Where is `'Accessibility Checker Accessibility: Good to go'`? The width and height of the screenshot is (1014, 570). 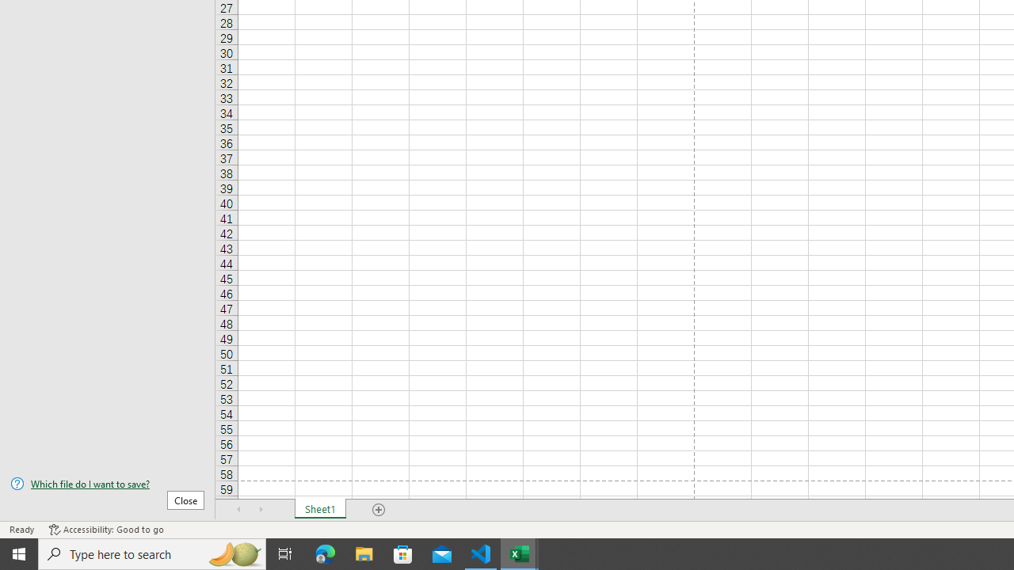
'Accessibility Checker Accessibility: Good to go' is located at coordinates (105, 530).